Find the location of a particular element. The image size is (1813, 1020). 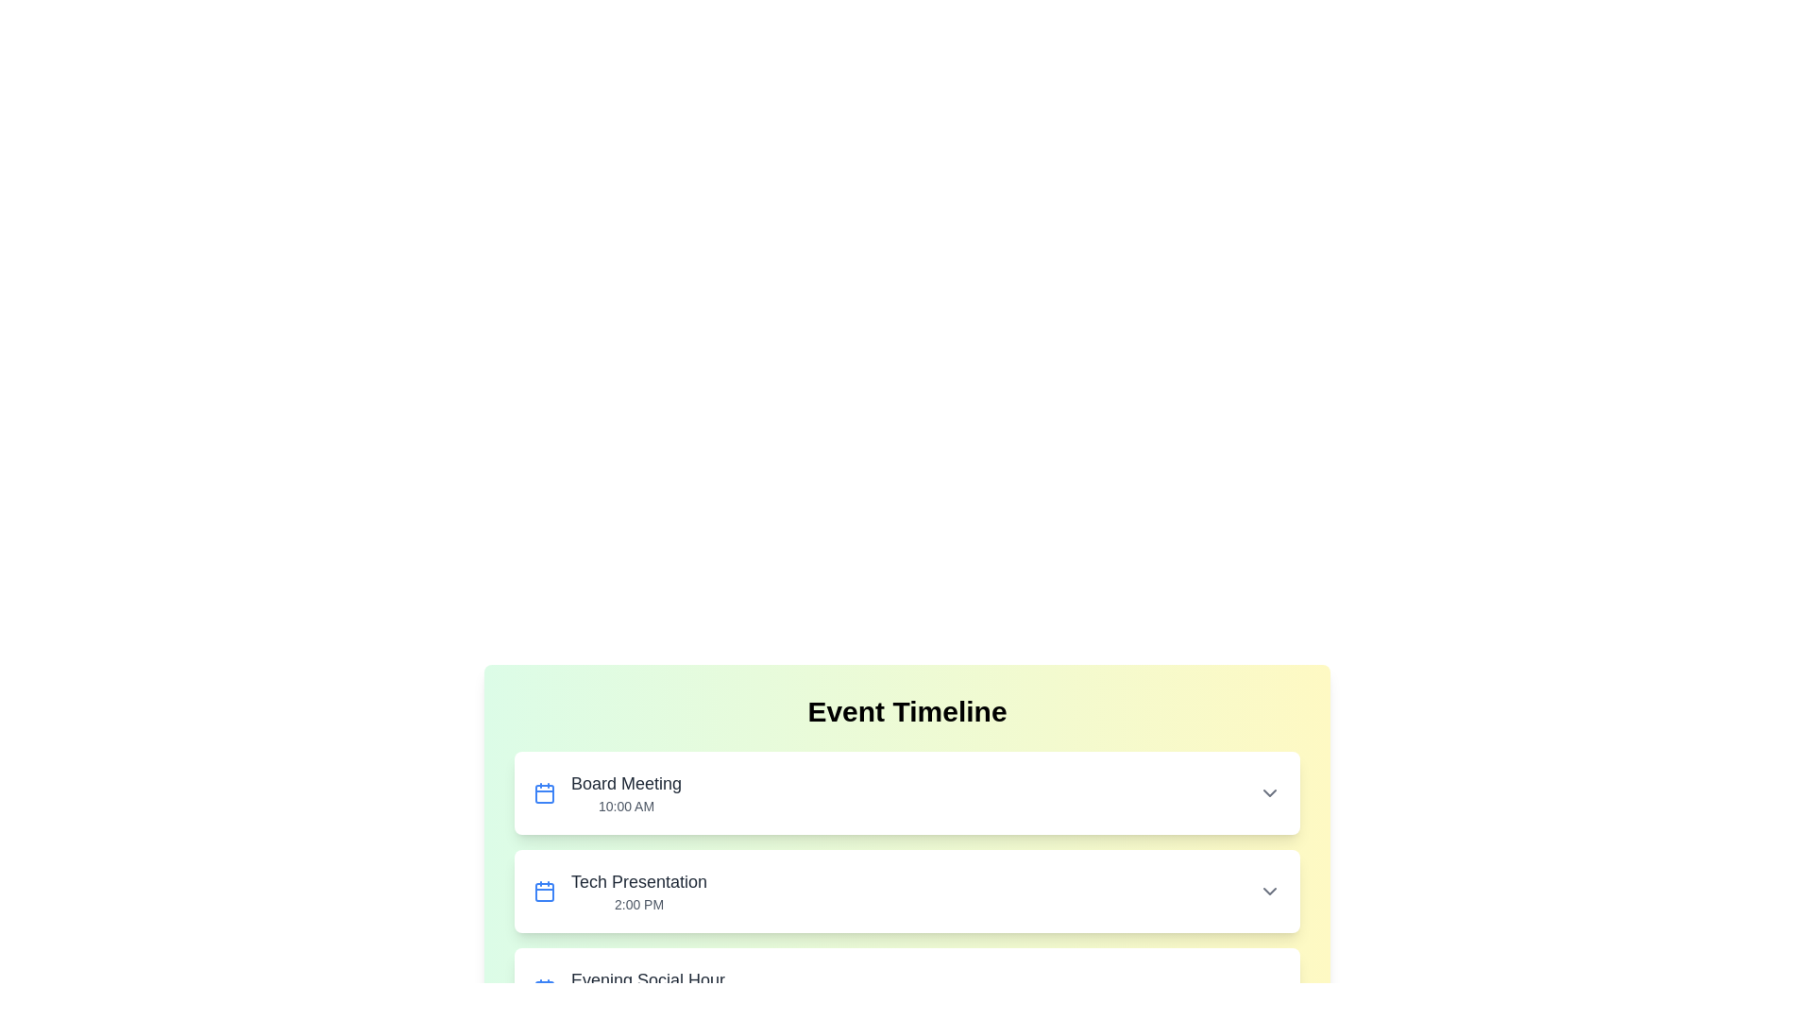

the right chevron of the second event entry labeled 'Tech Presentation' in the timeline to expand details is located at coordinates (906, 892).